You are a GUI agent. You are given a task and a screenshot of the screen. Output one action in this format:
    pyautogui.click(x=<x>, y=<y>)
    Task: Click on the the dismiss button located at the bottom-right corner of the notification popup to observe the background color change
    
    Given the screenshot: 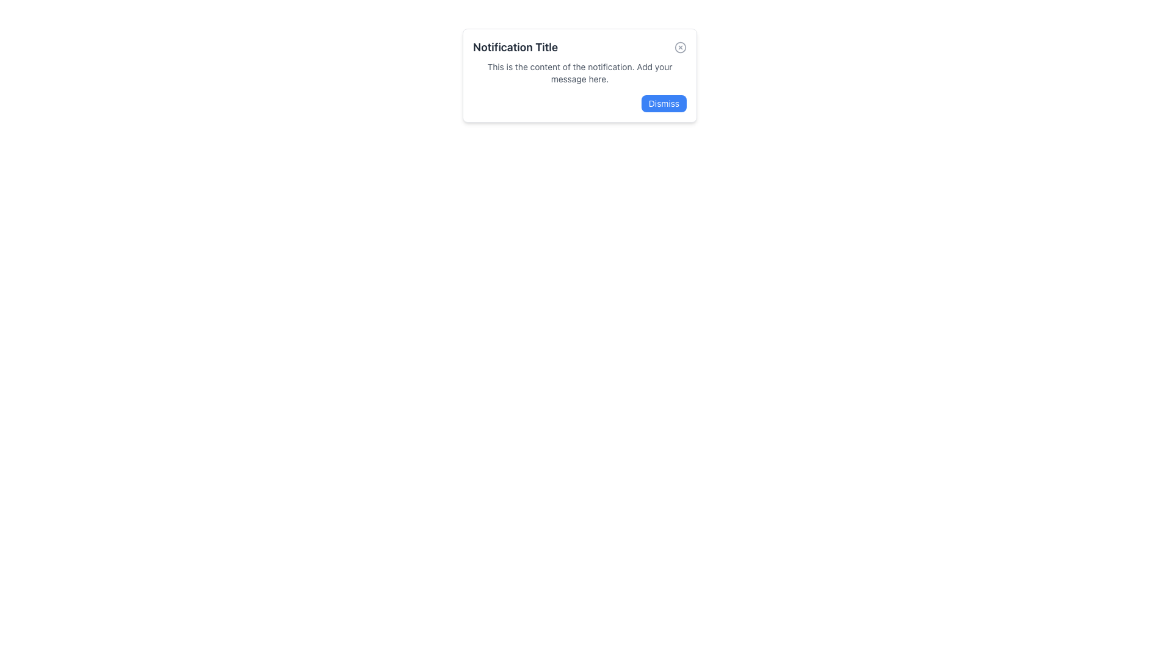 What is the action you would take?
    pyautogui.click(x=663, y=103)
    